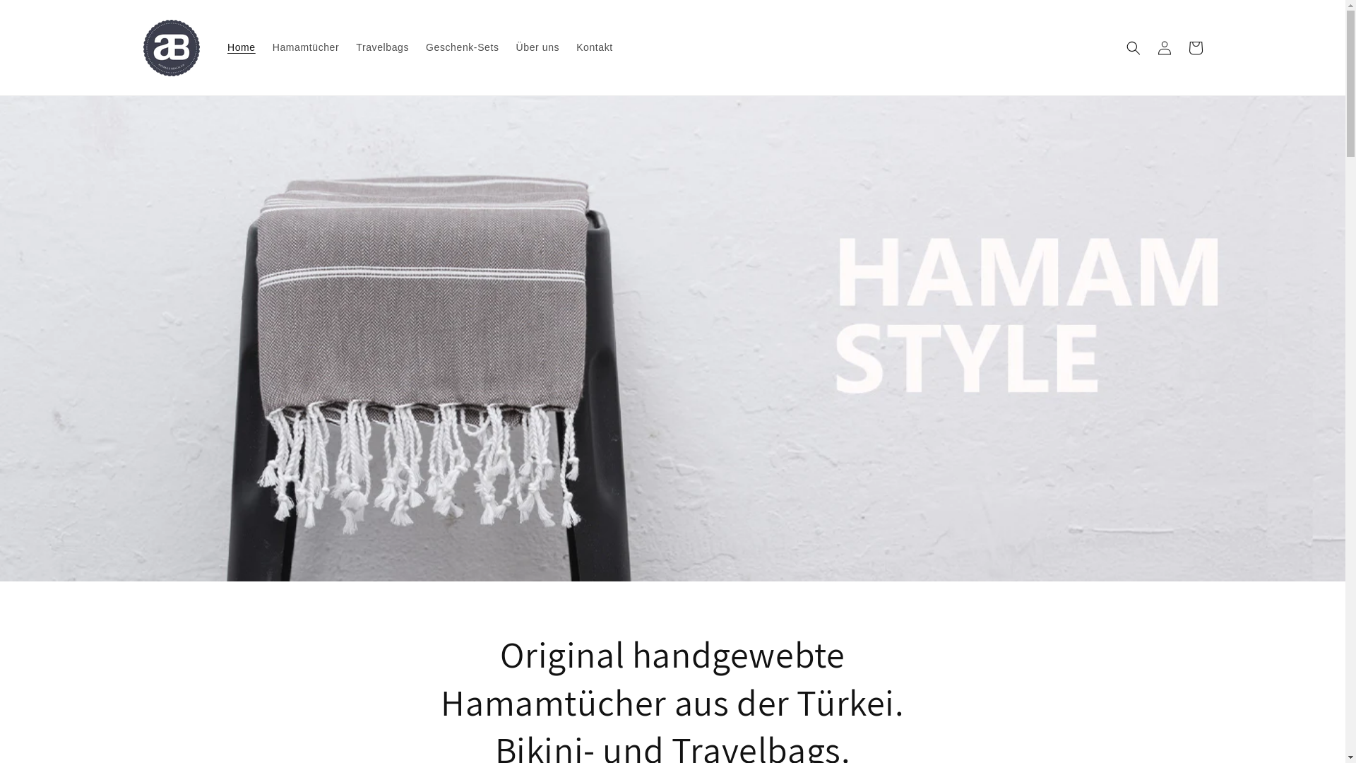 The width and height of the screenshot is (1356, 763). What do you see at coordinates (1163, 47) in the screenshot?
I see `'Einloggen'` at bounding box center [1163, 47].